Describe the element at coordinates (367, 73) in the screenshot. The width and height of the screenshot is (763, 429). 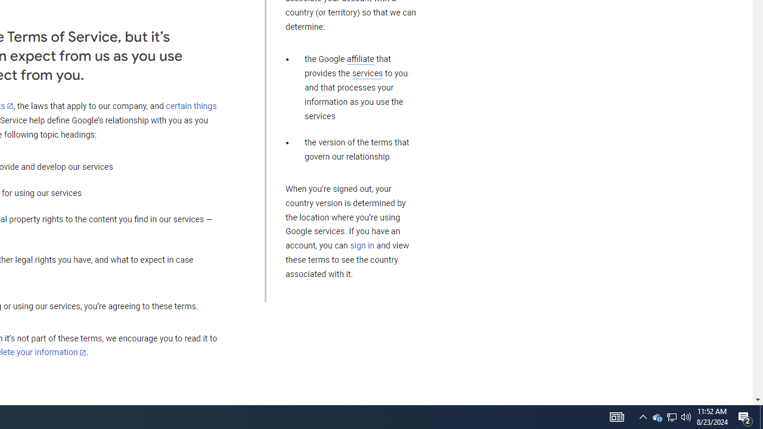
I see `'services'` at that location.